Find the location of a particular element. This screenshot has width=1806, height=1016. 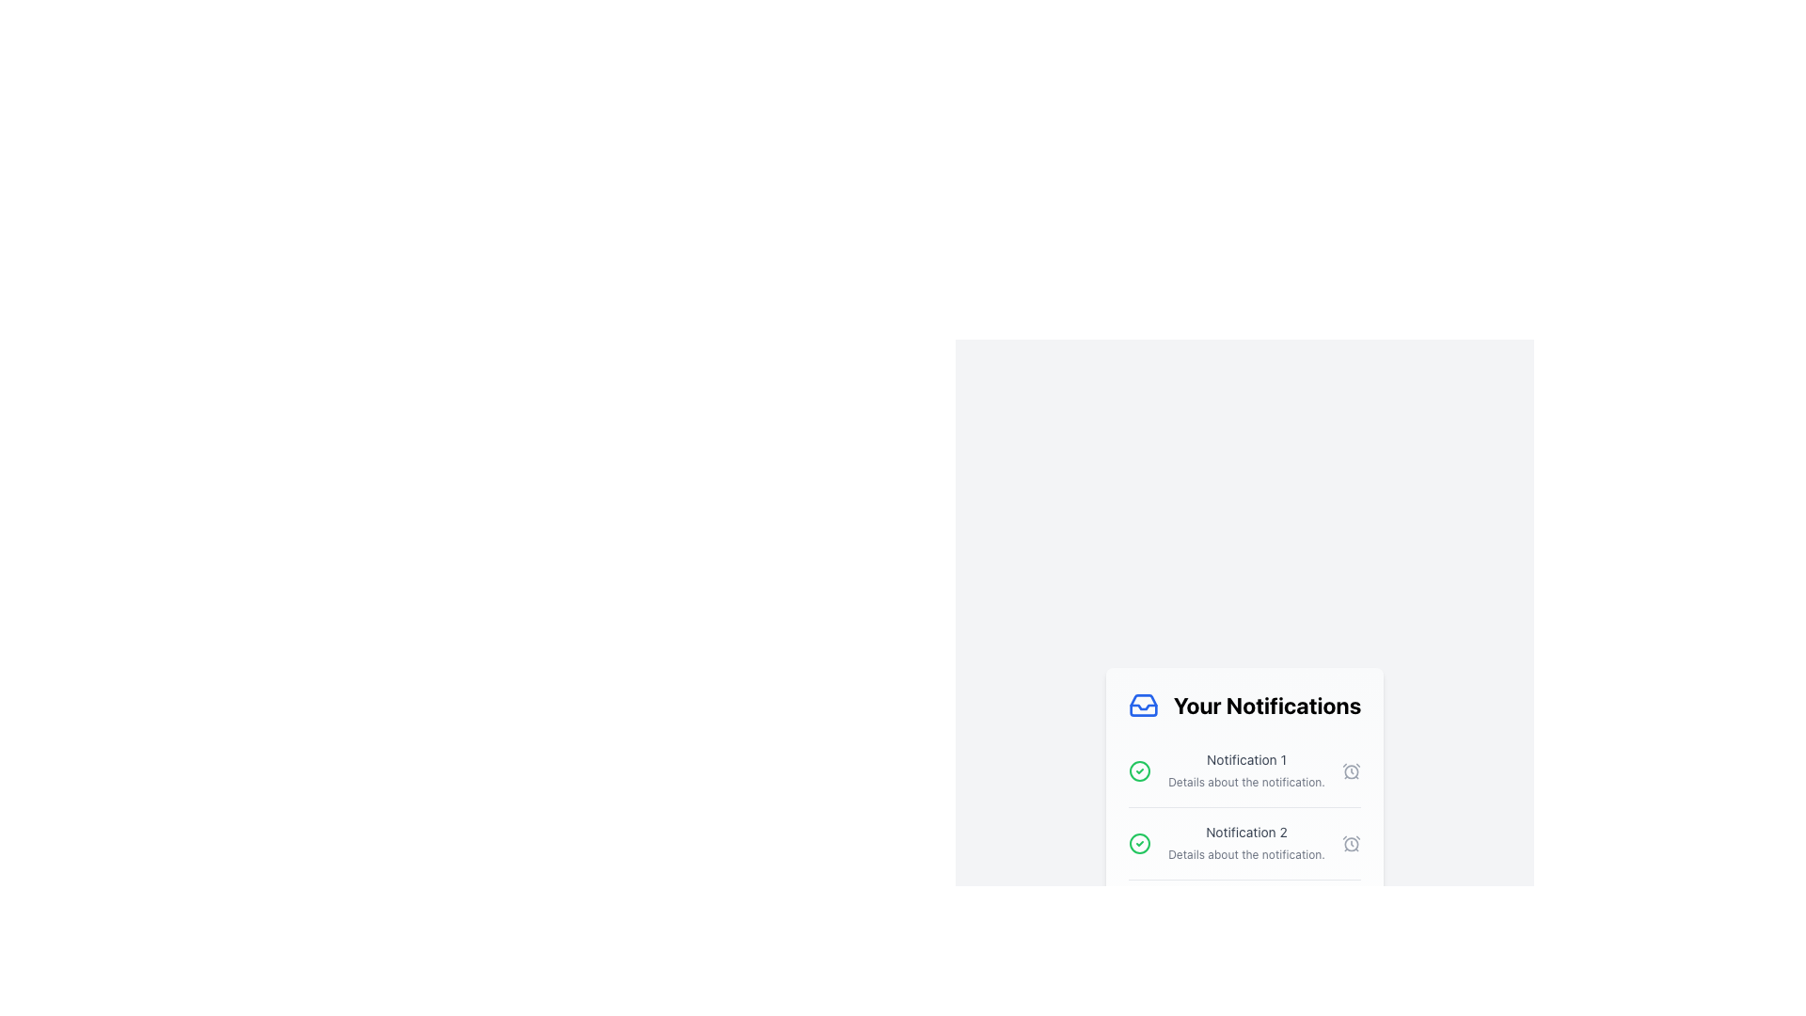

the text label displaying 'Notification 2', which is styled in gray and located at the bottom row of the notification list is located at coordinates (1246, 831).